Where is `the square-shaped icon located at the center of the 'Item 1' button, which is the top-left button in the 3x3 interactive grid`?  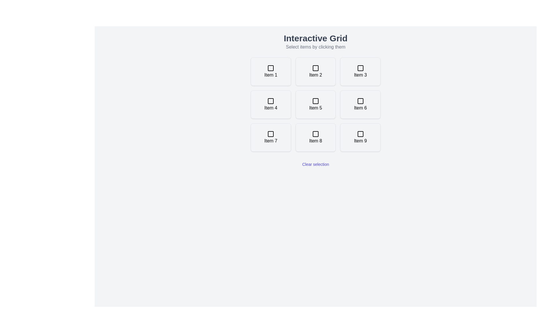
the square-shaped icon located at the center of the 'Item 1' button, which is the top-left button in the 3x3 interactive grid is located at coordinates (270, 68).